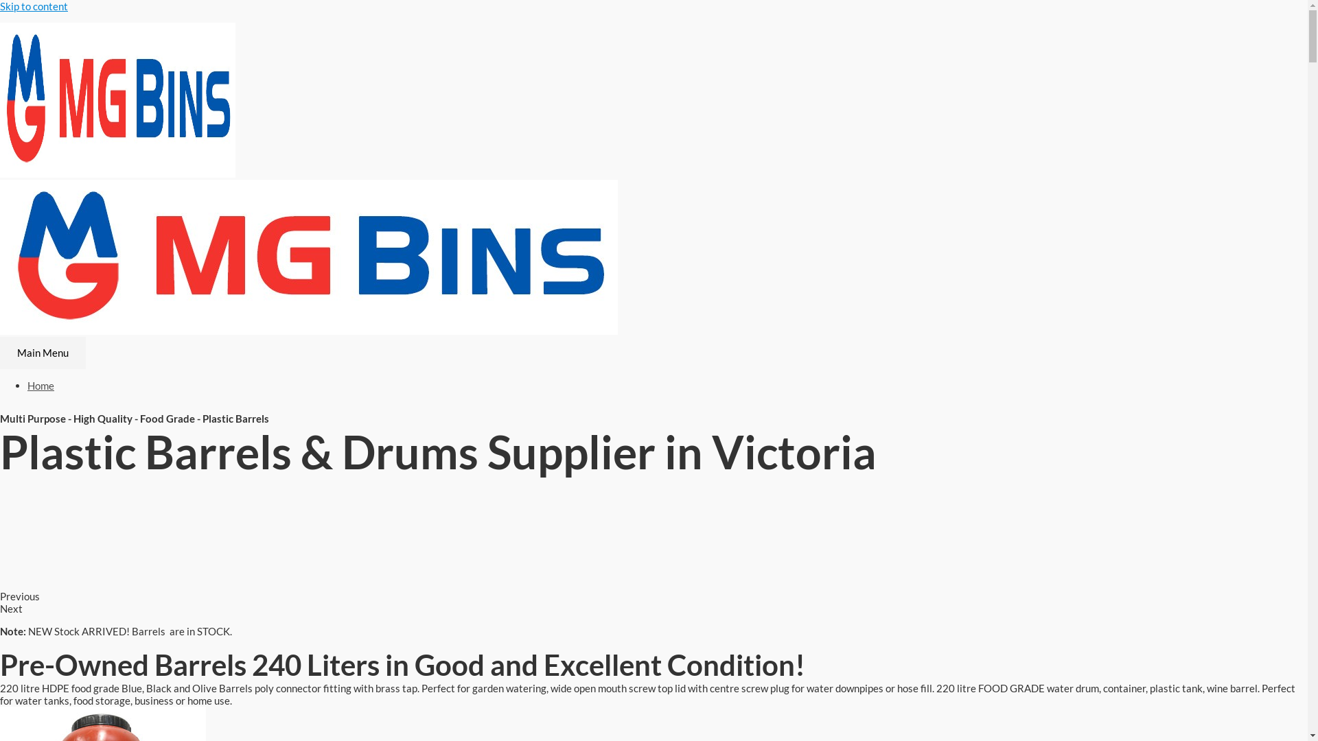 The width and height of the screenshot is (1318, 741). I want to click on 'Home', so click(41, 386).